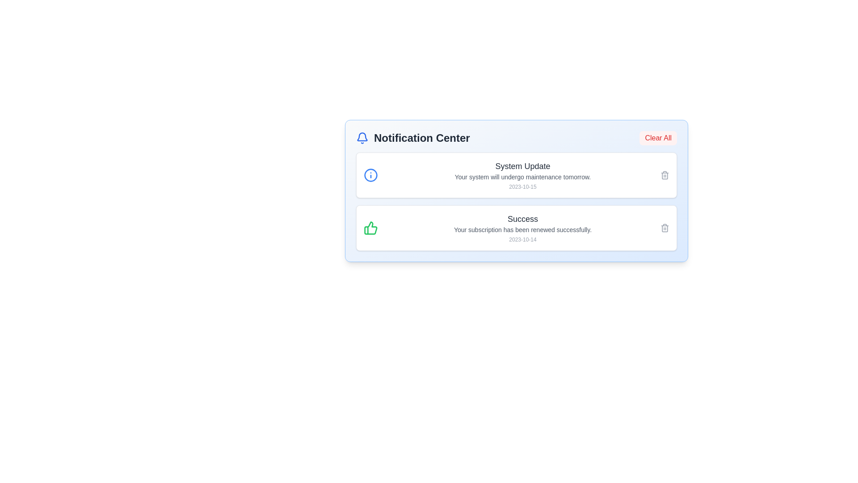 This screenshot has height=483, width=858. Describe the element at coordinates (523, 177) in the screenshot. I see `the text element that reads 'Your system will undergo maintenance tomorrow.', which is located beneath the heading 'System Update' and above the timestamp '2023-10-15'` at that location.